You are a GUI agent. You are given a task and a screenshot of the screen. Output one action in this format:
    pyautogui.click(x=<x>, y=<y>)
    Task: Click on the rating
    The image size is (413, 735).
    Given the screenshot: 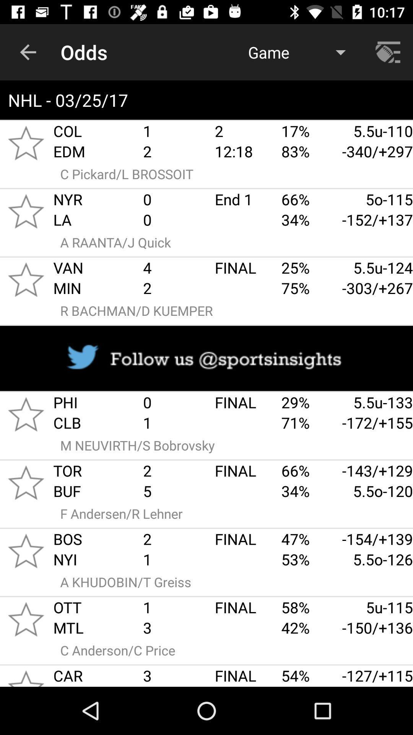 What is the action you would take?
    pyautogui.click(x=26, y=550)
    